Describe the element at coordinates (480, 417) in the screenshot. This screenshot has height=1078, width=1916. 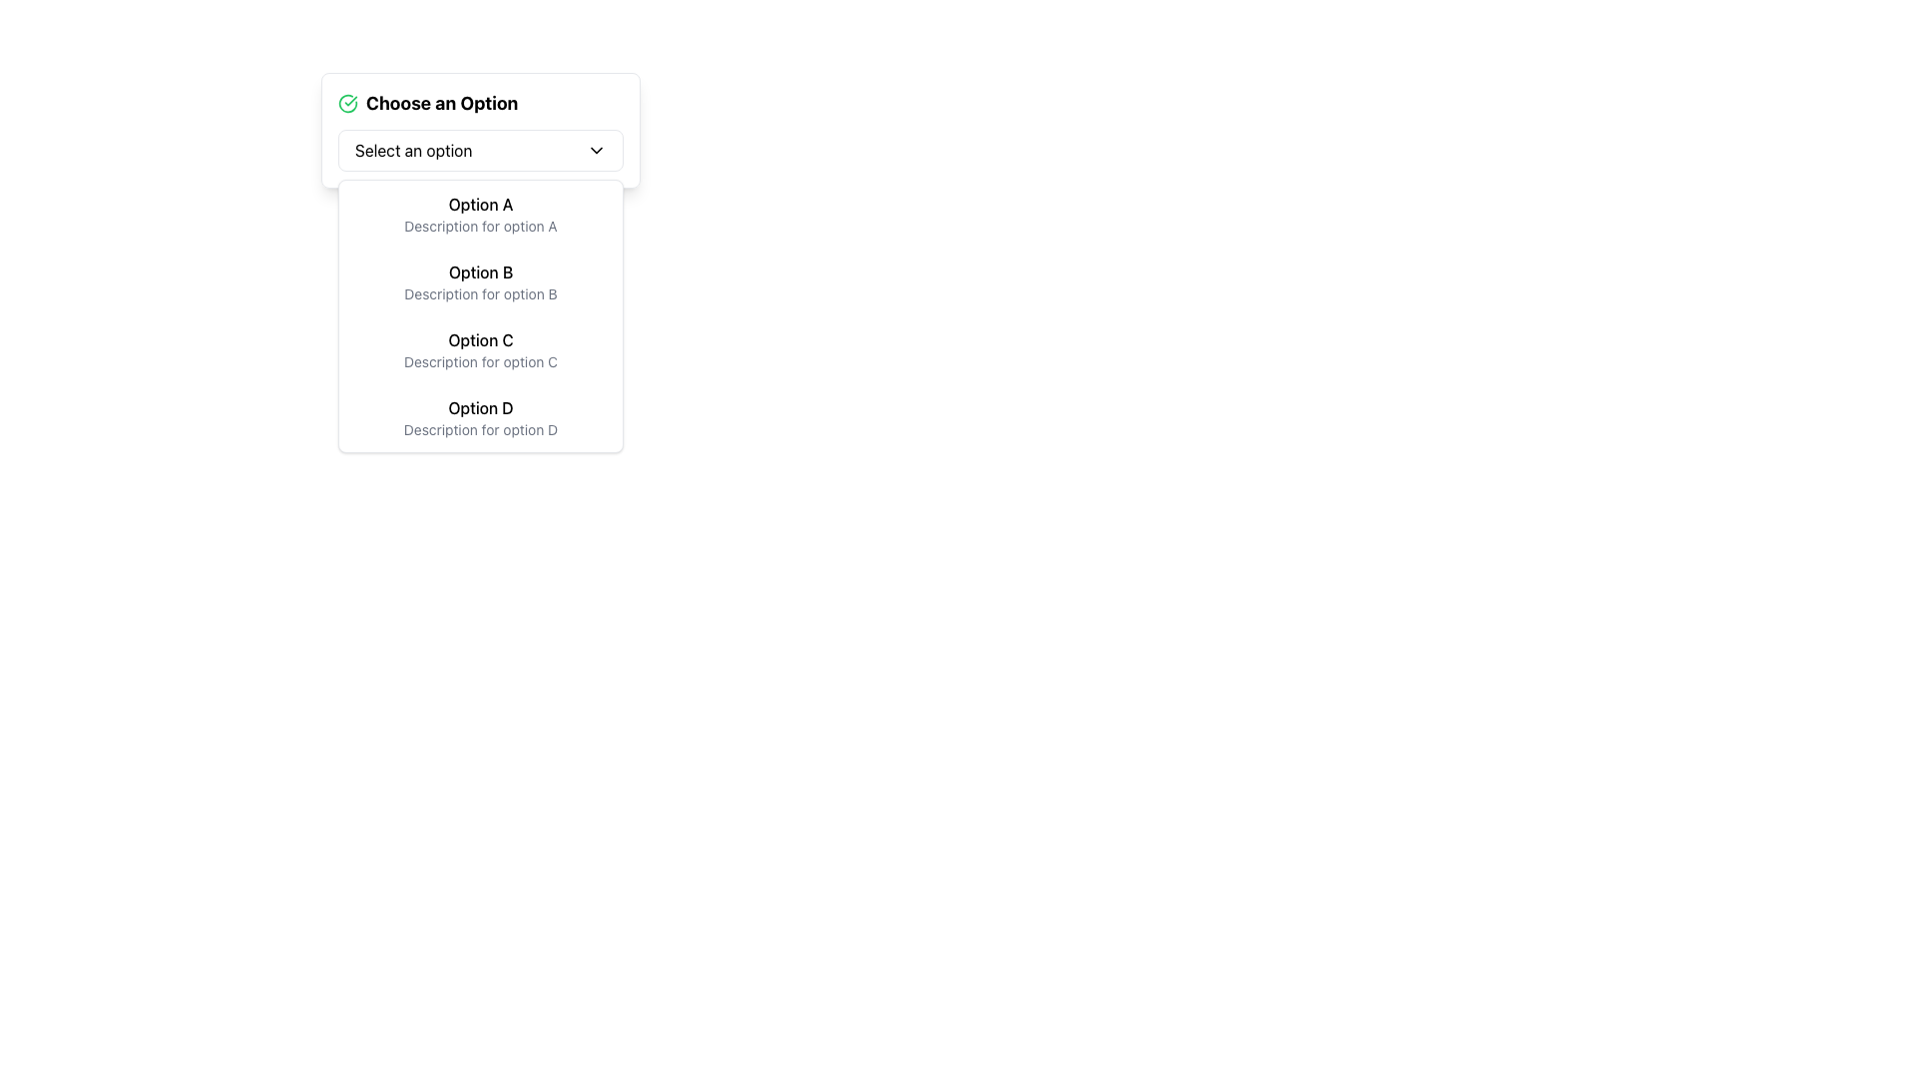
I see `the selectable list item labeled 'Option D'` at that location.